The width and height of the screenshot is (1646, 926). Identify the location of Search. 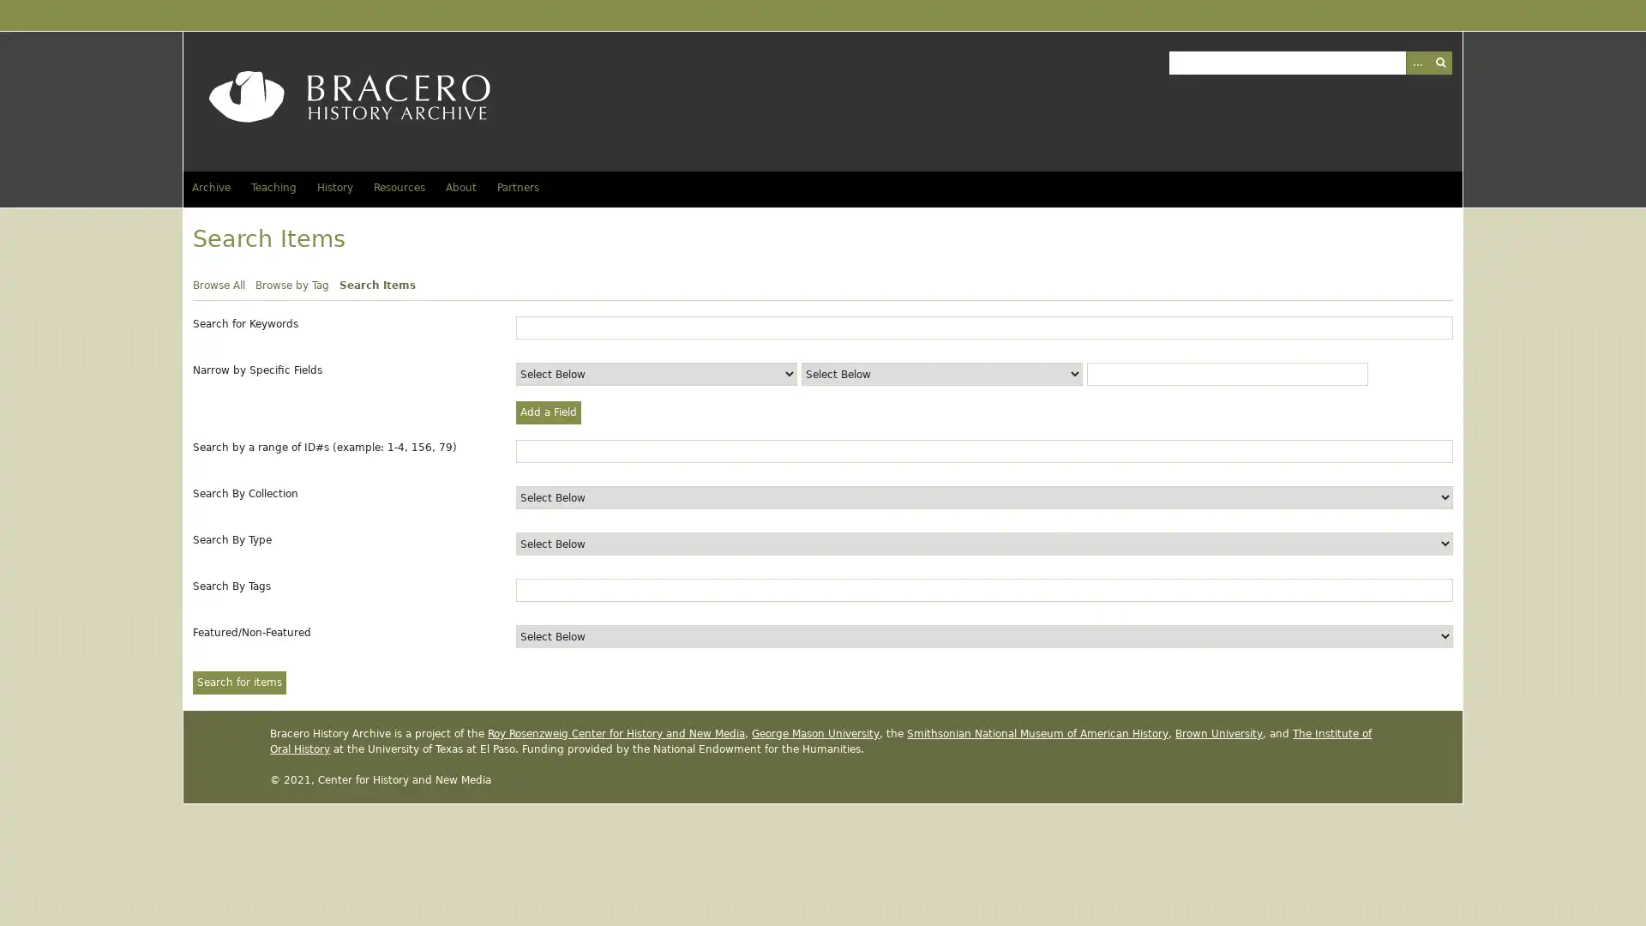
(1439, 61).